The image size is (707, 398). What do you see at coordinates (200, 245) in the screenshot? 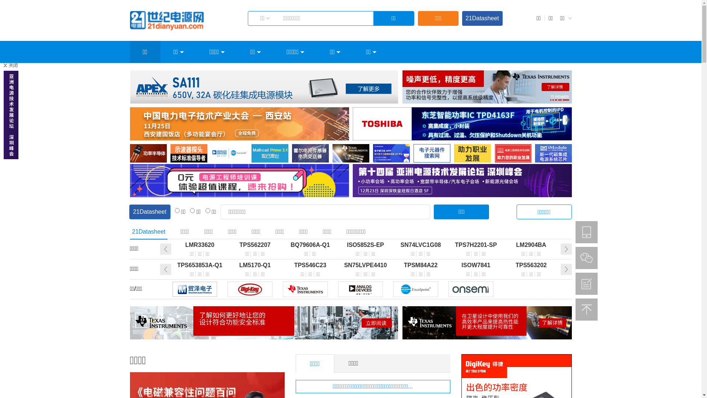
I see `'LMR33620'` at bounding box center [200, 245].